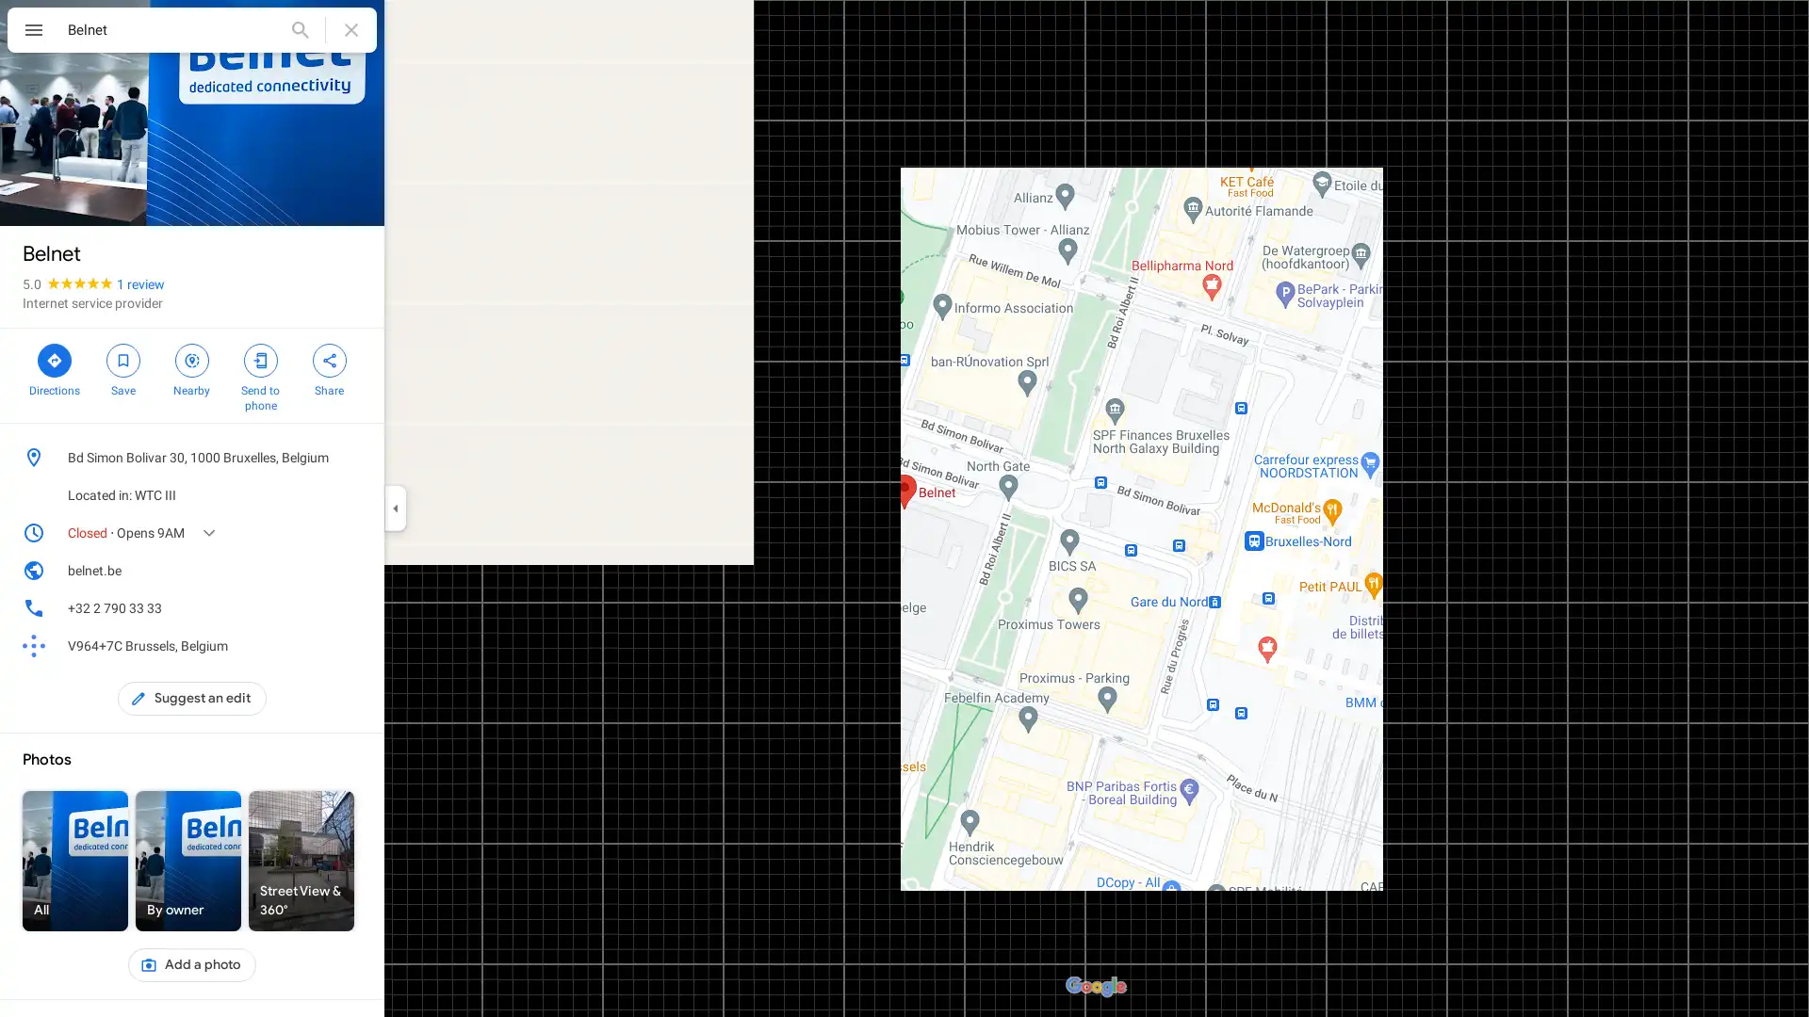 The width and height of the screenshot is (1809, 1017). What do you see at coordinates (329, 367) in the screenshot?
I see `Share Belnet` at bounding box center [329, 367].